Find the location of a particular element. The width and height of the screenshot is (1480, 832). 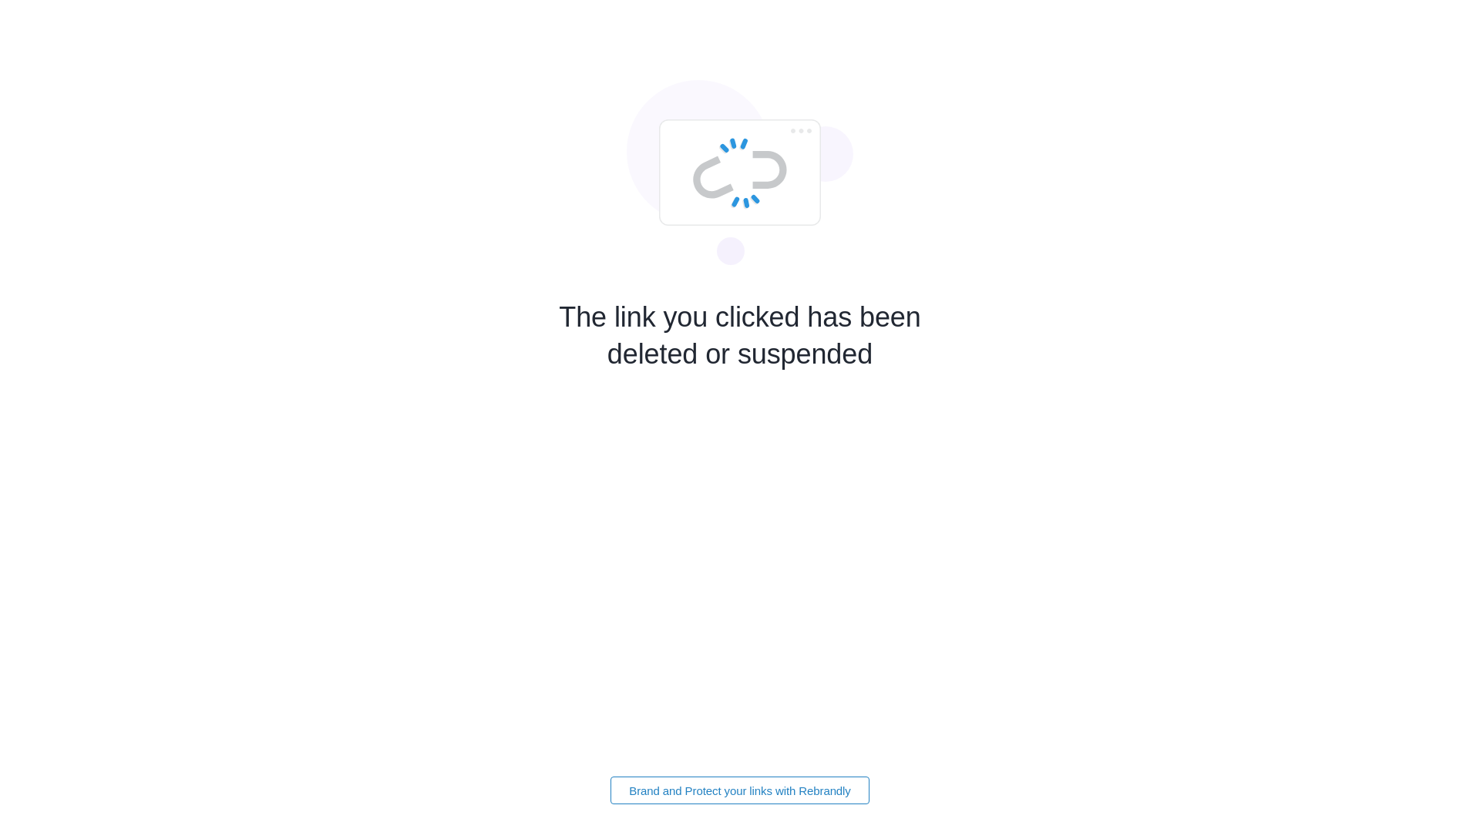

'Brand and Protect your links with Rebrandly' is located at coordinates (740, 790).